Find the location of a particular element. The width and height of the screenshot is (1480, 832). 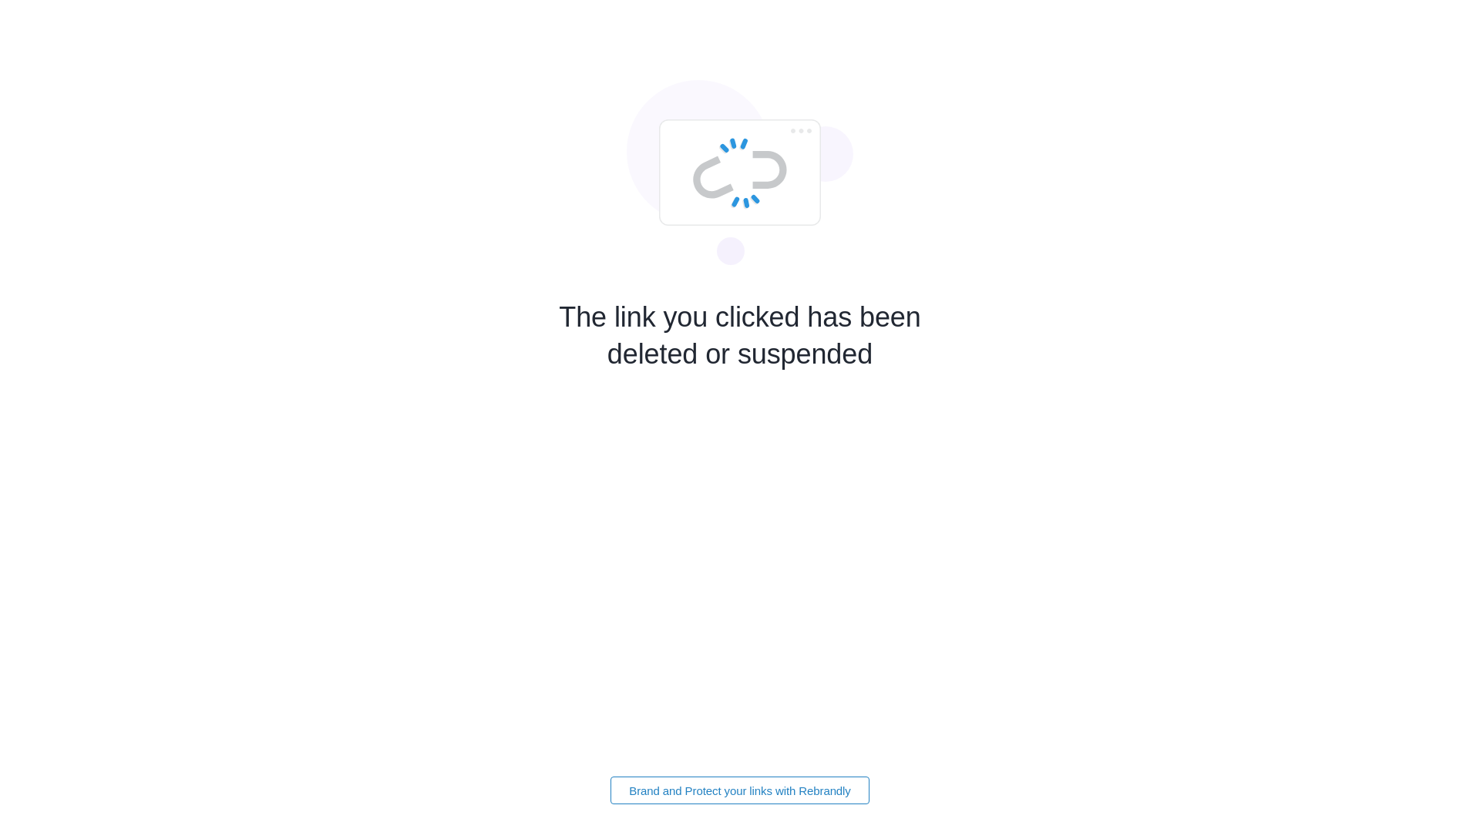

'Brand and Protect your links with Rebrandly' is located at coordinates (740, 790).